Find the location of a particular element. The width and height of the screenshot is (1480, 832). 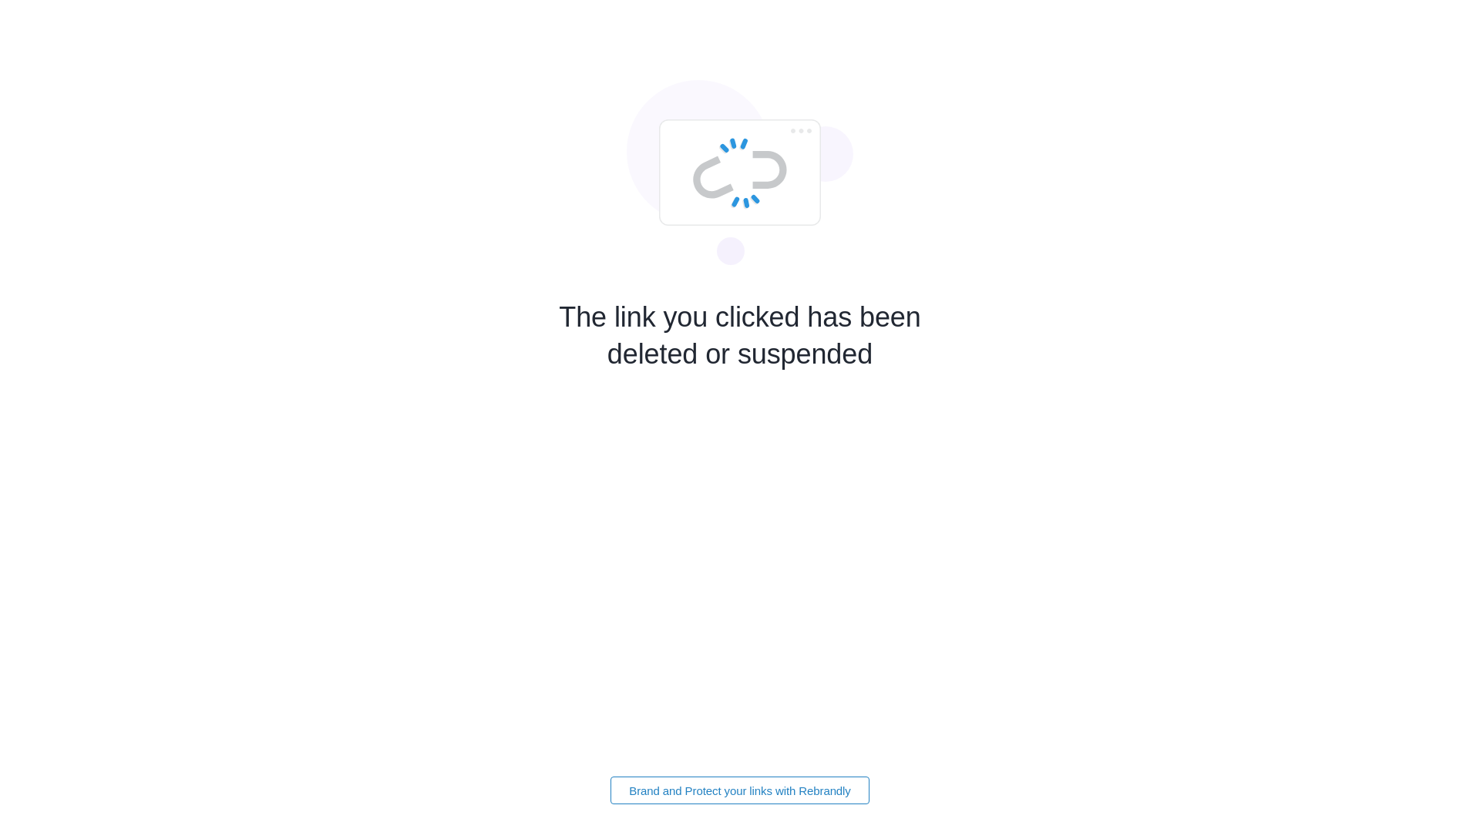

'Brand and Protect your links with Rebrandly' is located at coordinates (740, 790).